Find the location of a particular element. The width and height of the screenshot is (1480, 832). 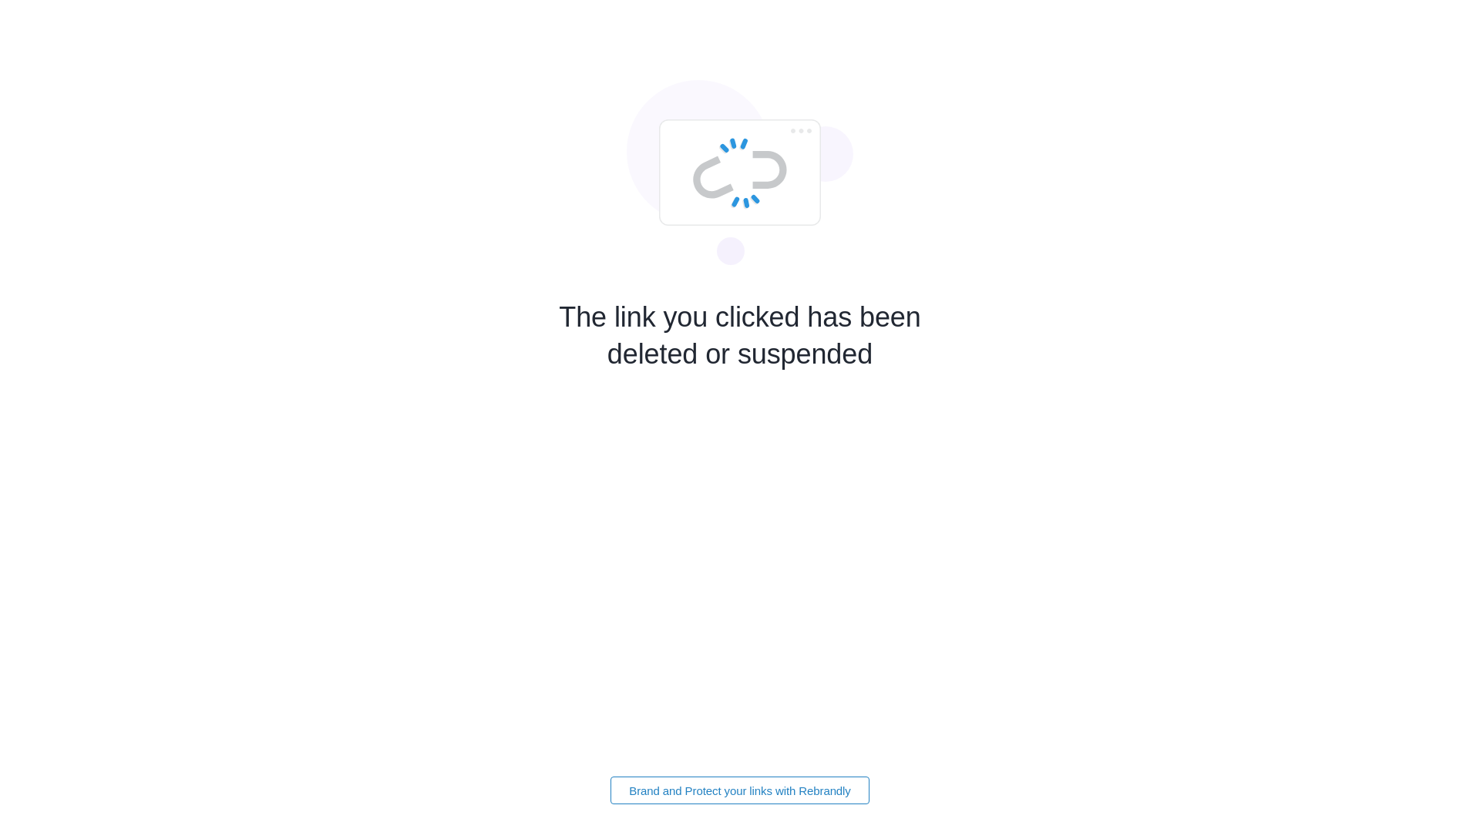

'Brand and Protect your links with Rebrandly' is located at coordinates (740, 790).